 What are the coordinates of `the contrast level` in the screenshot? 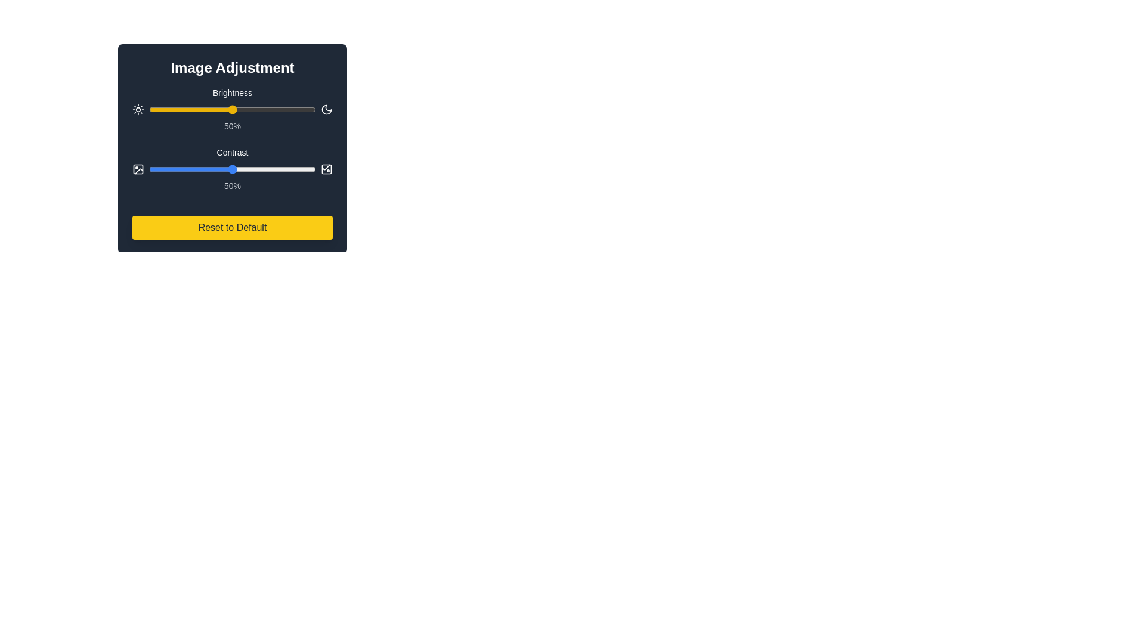 It's located at (222, 169).